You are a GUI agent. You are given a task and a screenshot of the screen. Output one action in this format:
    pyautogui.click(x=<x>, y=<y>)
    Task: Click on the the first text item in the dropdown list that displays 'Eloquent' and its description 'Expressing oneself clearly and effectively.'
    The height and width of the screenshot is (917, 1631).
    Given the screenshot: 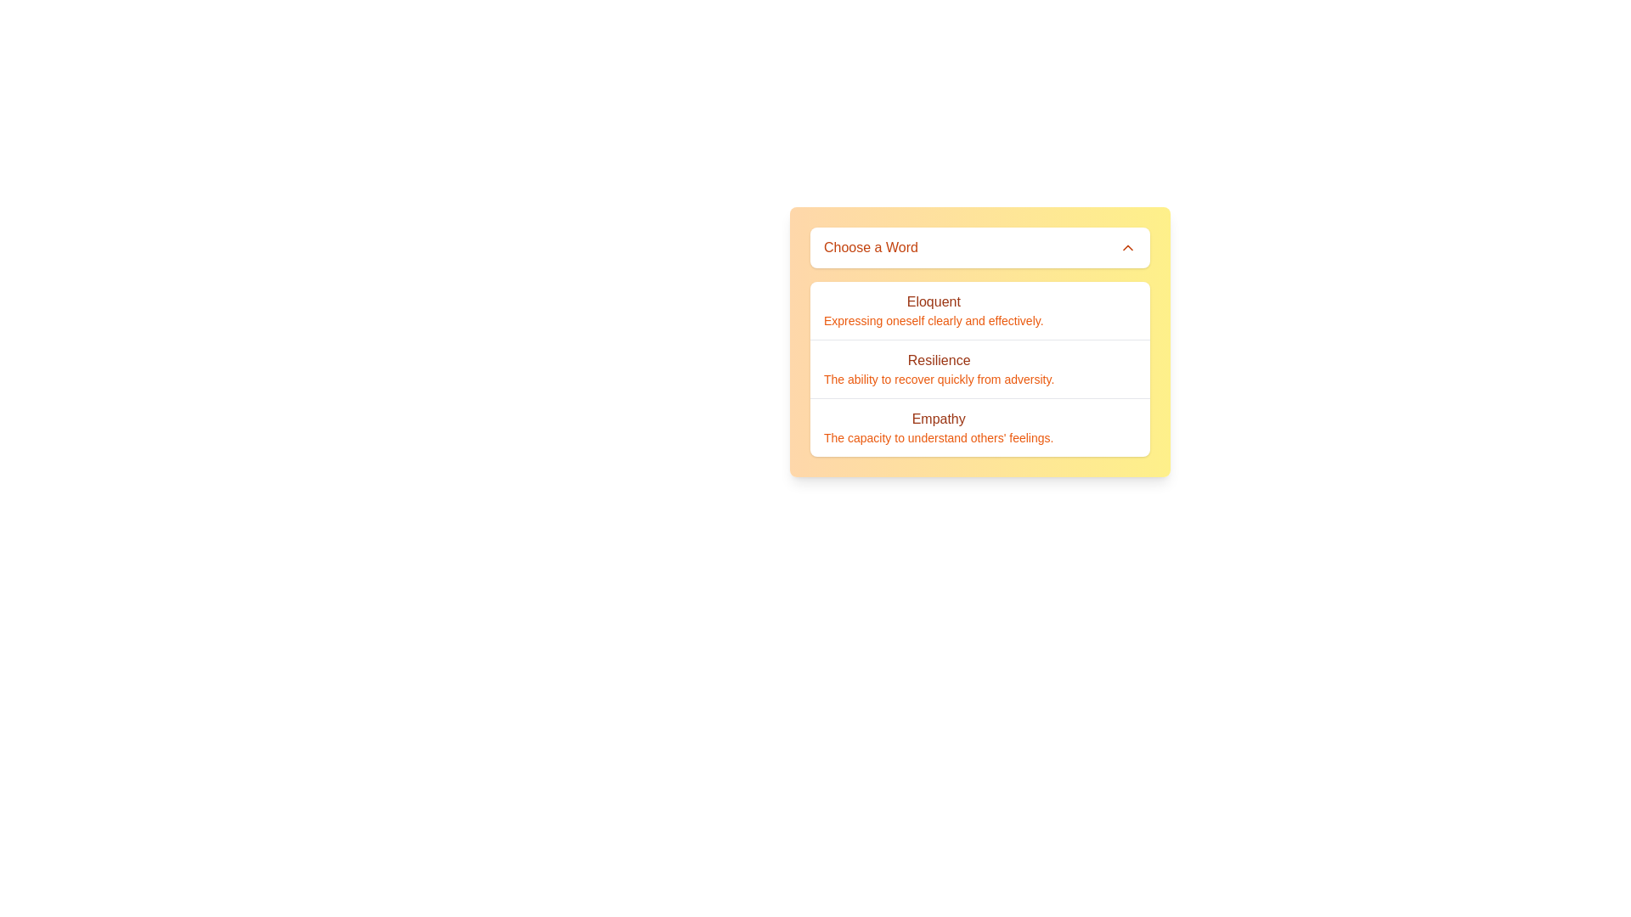 What is the action you would take?
    pyautogui.click(x=933, y=311)
    